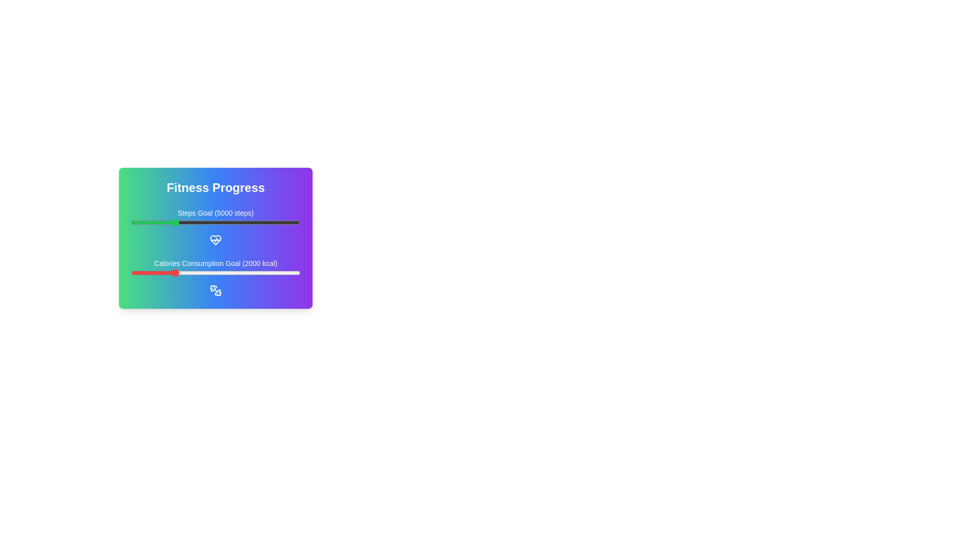 This screenshot has width=968, height=544. I want to click on the text label displaying 'Calories Consumption Goal (2000 kcal)', which is styled in white color and positioned above the slider component, so click(215, 263).